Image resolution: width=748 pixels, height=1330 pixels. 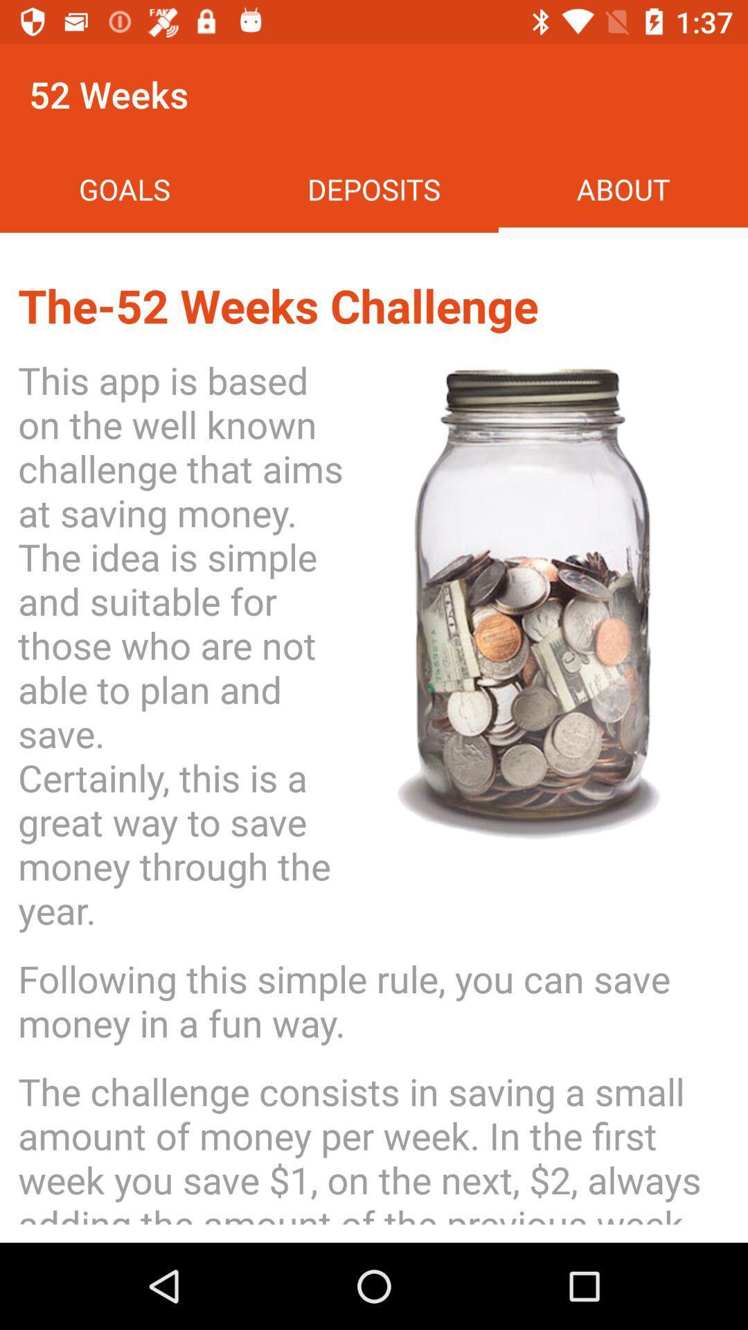 What do you see at coordinates (125, 188) in the screenshot?
I see `the icon next to deposits` at bounding box center [125, 188].